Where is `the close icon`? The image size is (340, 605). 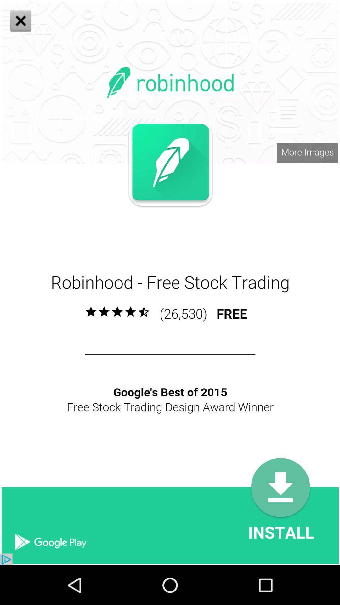 the close icon is located at coordinates (20, 22).